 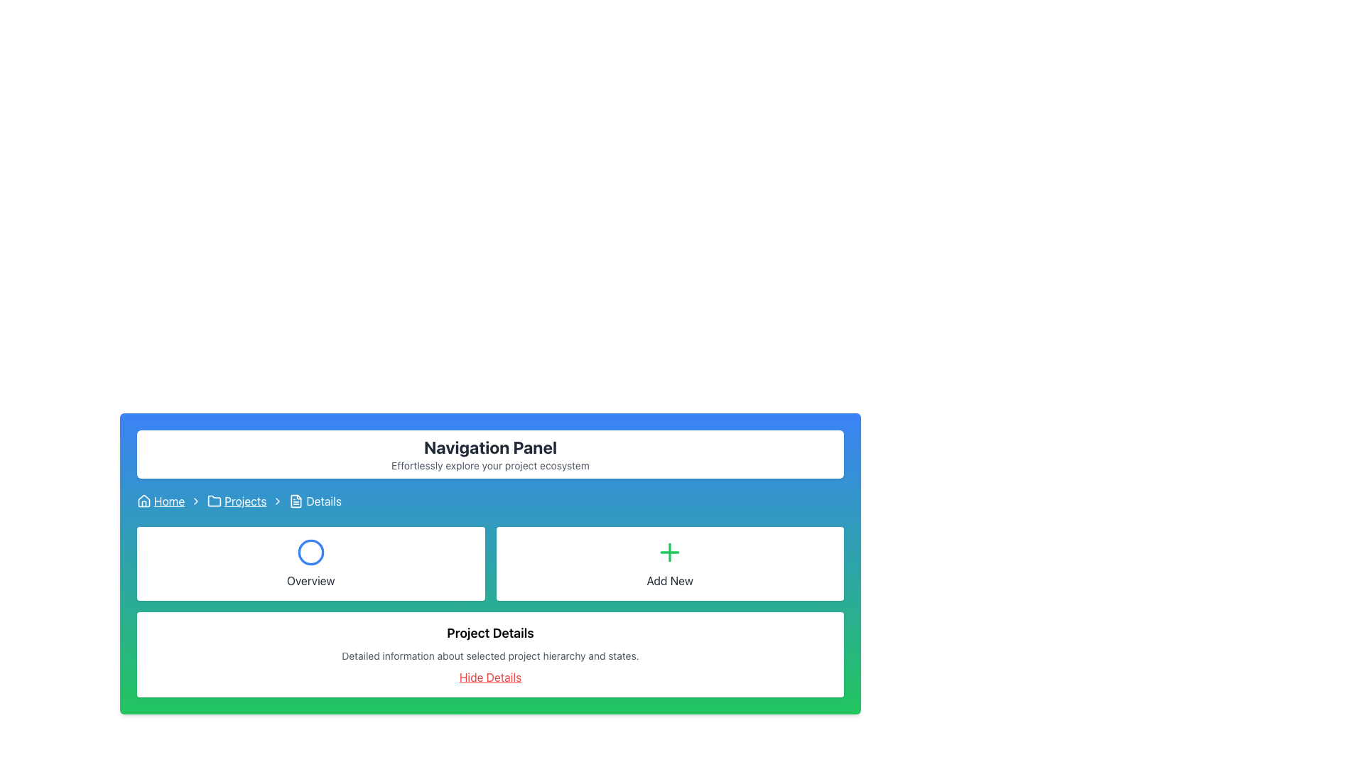 What do you see at coordinates (214, 500) in the screenshot?
I see `the 'Projects' icon in the breadcrumb navigation to associate it with the navigational text` at bounding box center [214, 500].